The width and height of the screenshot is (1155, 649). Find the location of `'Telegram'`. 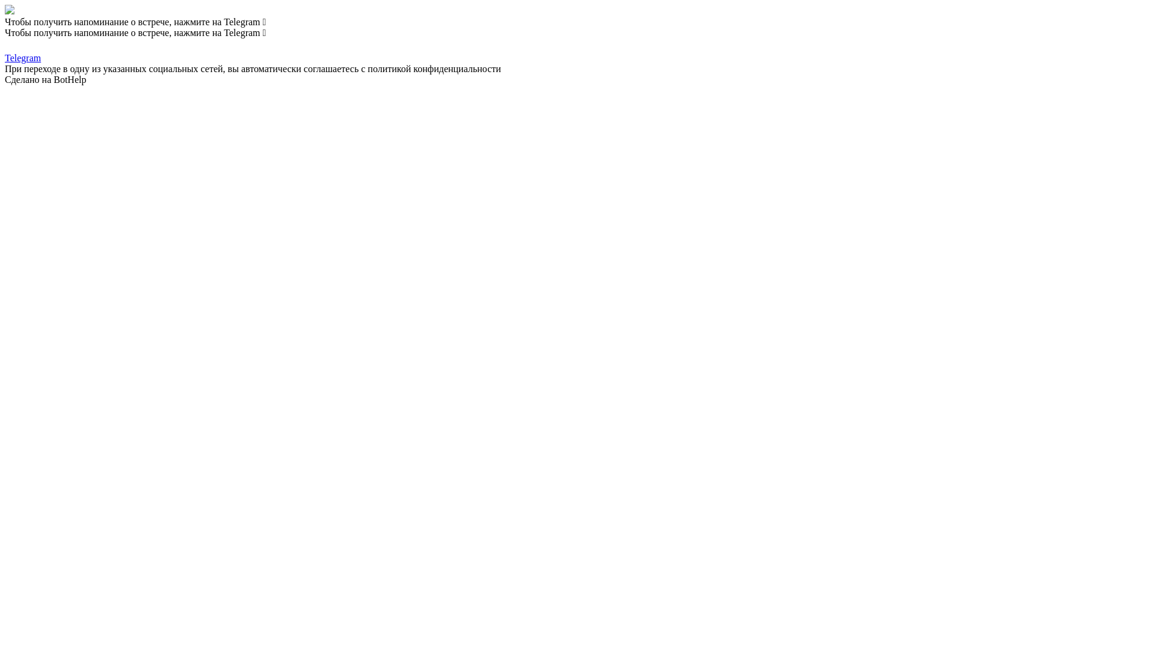

'Telegram' is located at coordinates (577, 50).